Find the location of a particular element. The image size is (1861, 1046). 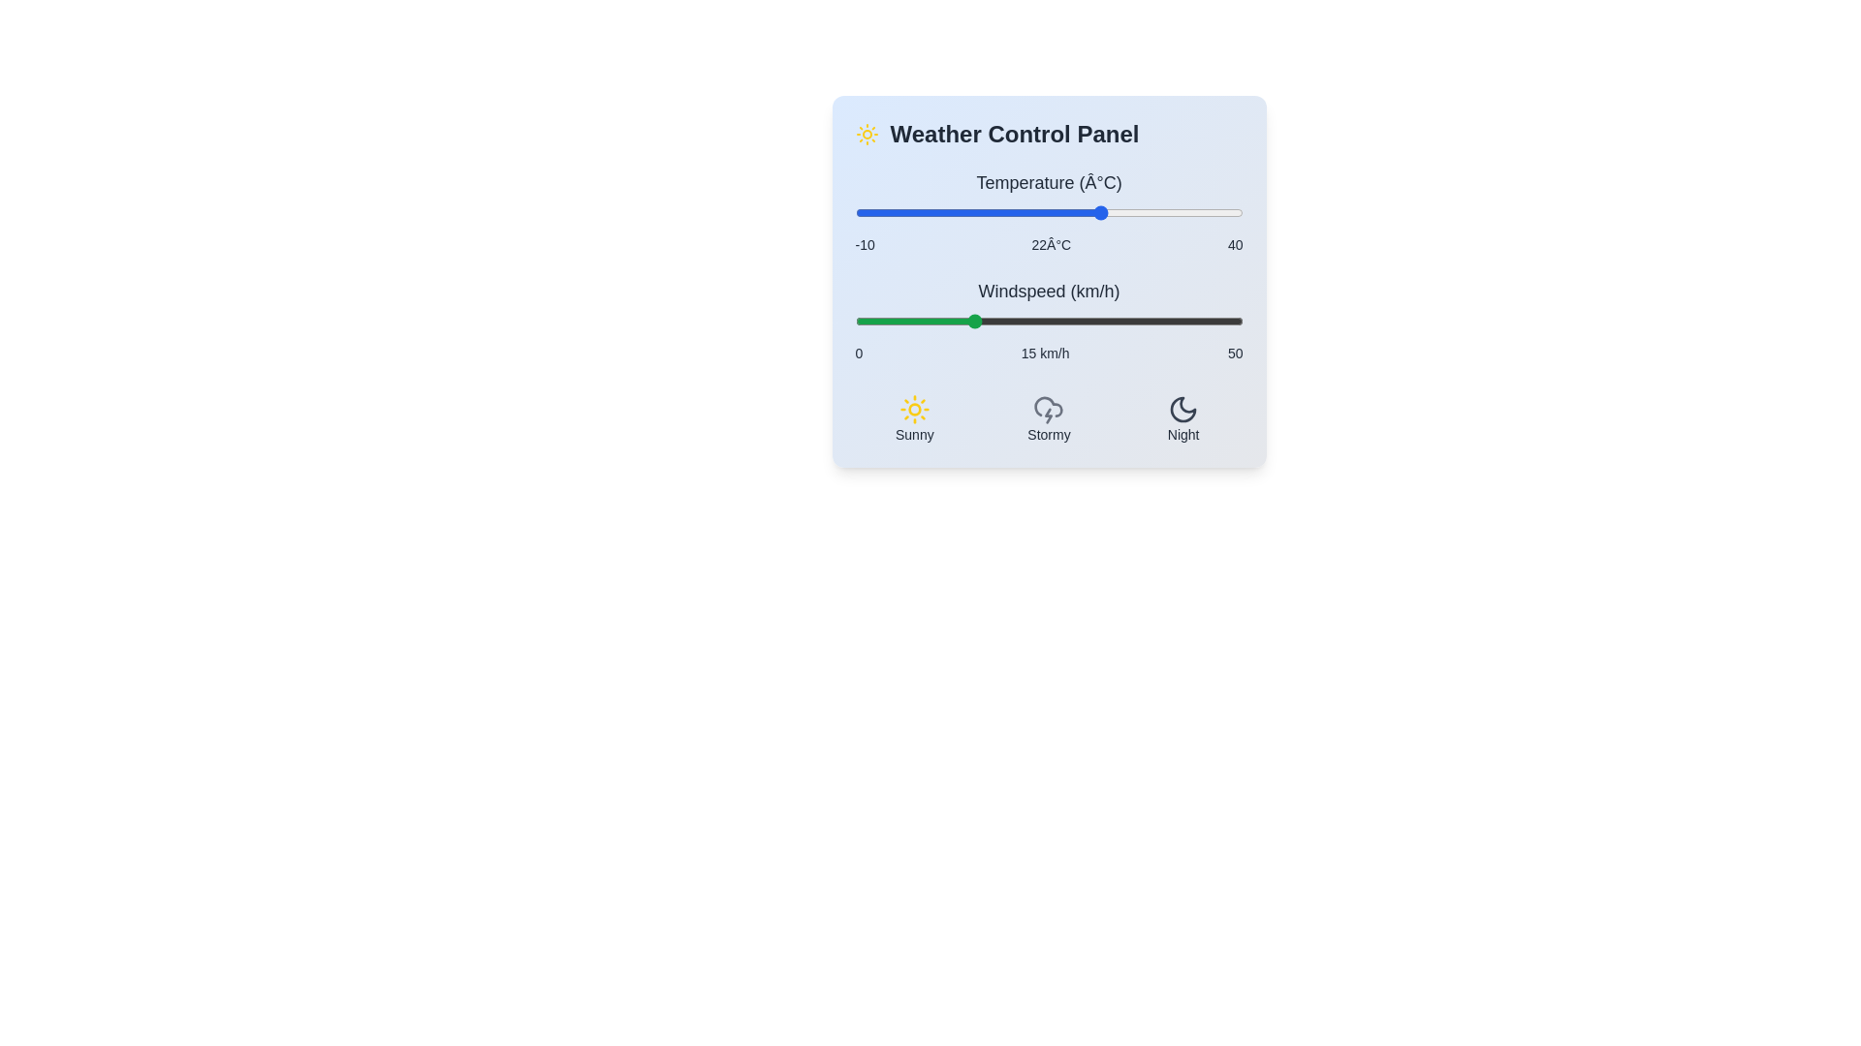

the sunny weather indicator icon, which is a static graphical representation located at the top center of the interface, indicating sunny weather is located at coordinates (913, 409).